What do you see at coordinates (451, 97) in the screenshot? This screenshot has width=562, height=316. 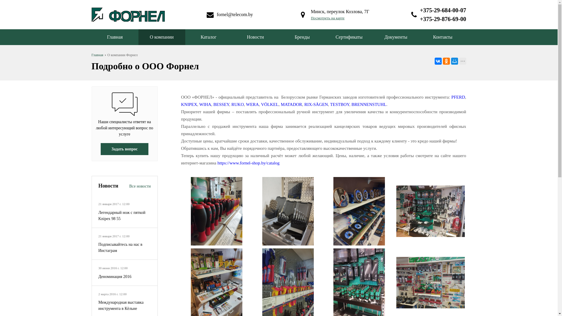 I see `'PFERD'` at bounding box center [451, 97].